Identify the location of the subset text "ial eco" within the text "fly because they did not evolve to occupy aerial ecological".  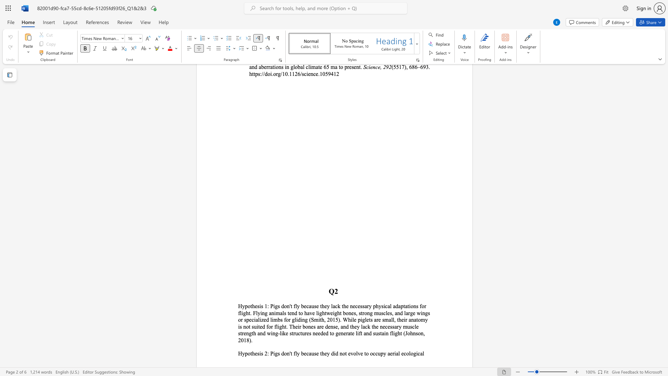
(394, 353).